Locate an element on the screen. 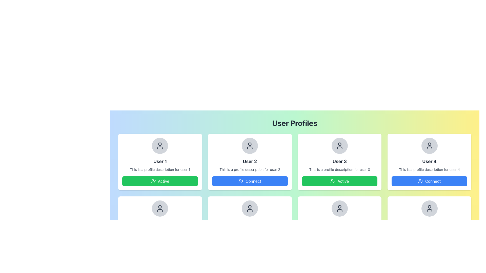 The height and width of the screenshot is (273, 486). the 'User 4' text label, which is styled in bold with a larger font size, located in the fourth profile card in the top row of the grid layout is located at coordinates (429, 162).